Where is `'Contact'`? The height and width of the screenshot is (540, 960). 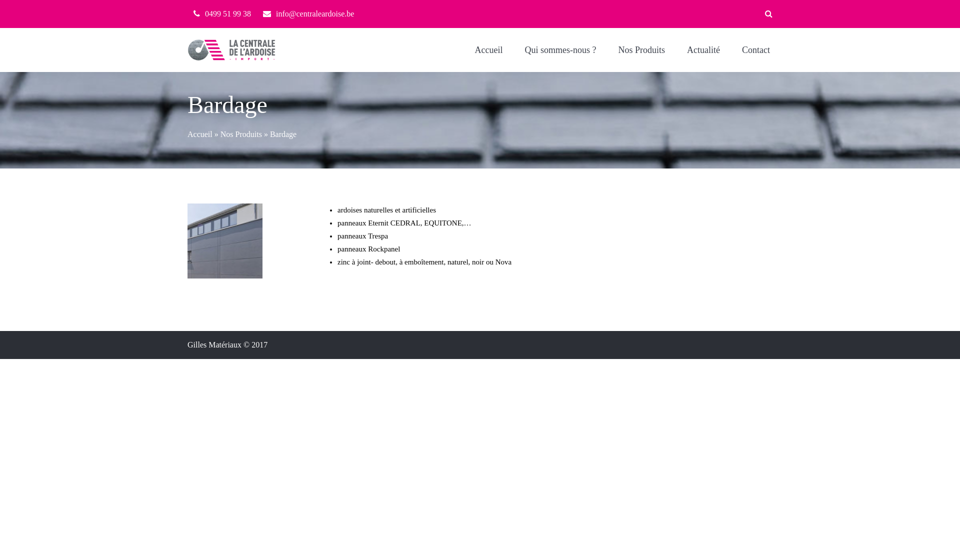
'Contact' is located at coordinates (732, 50).